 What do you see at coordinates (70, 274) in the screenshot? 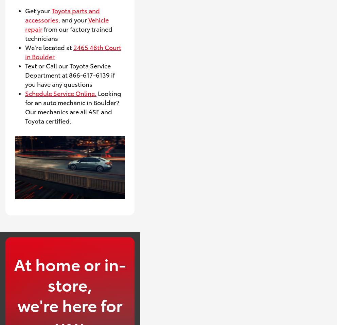
I see `'At home or in-store,'` at bounding box center [70, 274].